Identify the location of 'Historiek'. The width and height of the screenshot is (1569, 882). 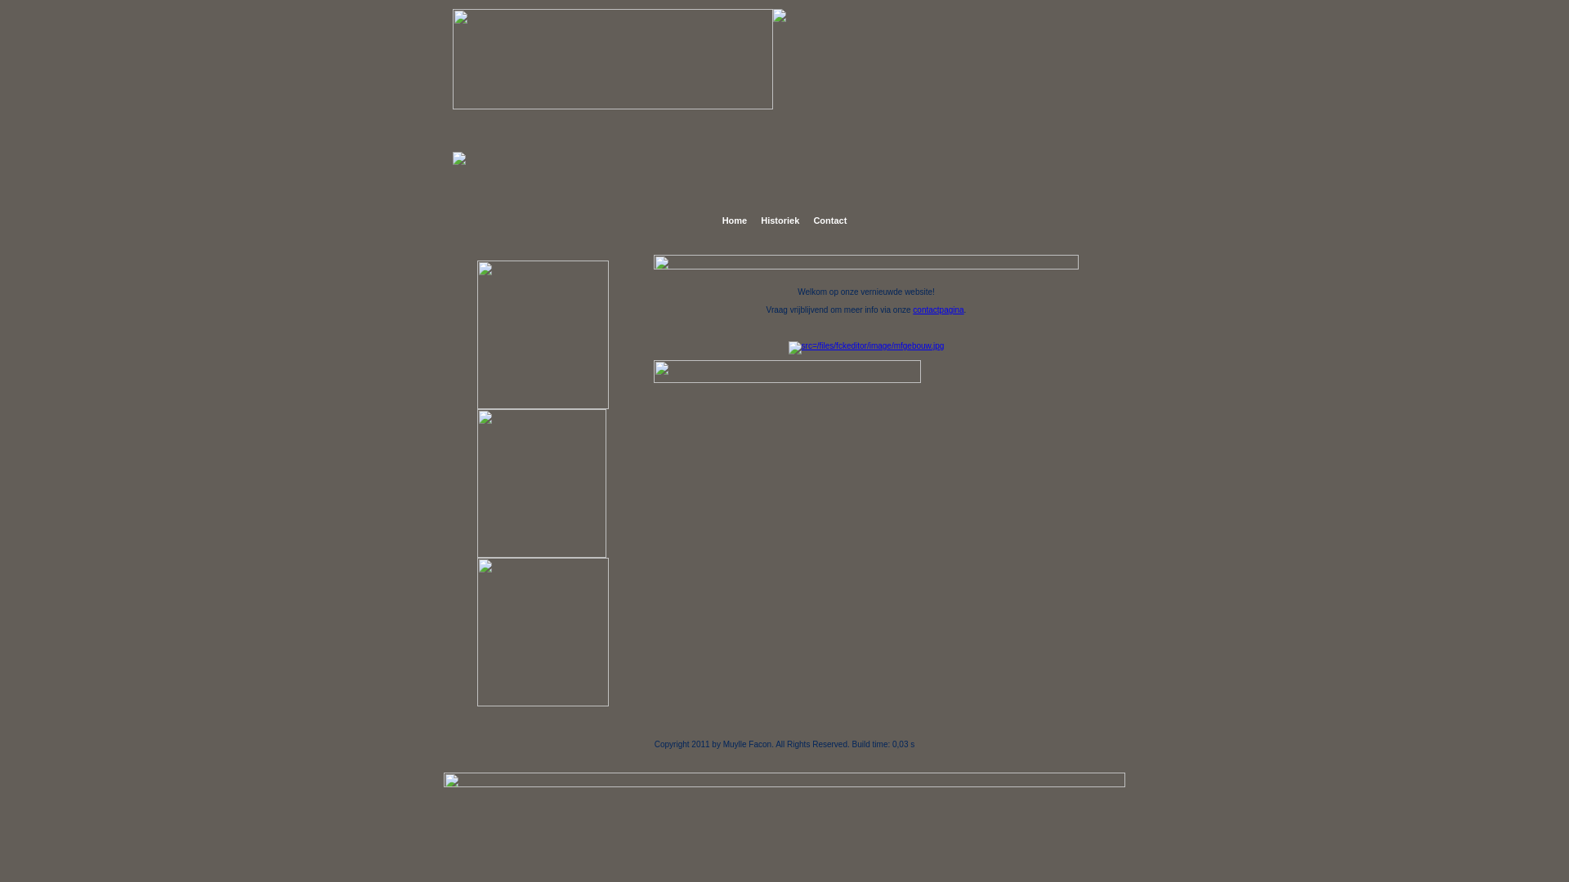
(779, 220).